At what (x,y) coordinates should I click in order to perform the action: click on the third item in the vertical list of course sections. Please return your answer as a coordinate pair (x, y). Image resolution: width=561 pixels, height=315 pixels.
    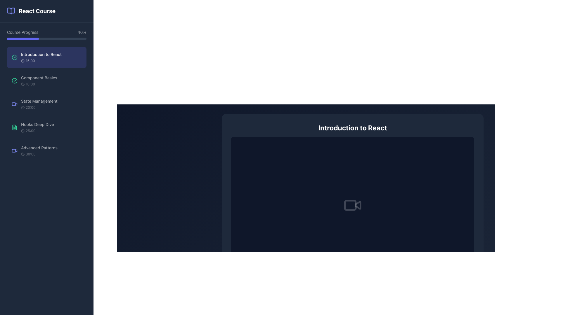
    Looking at the image, I should click on (46, 104).